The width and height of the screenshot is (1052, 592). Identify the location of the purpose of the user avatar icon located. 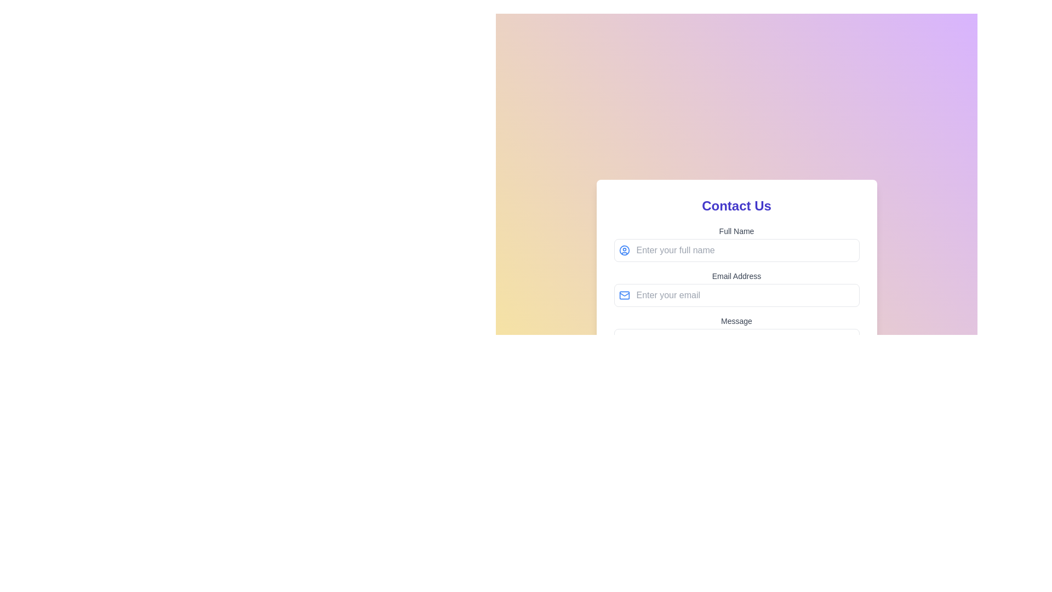
(624, 250).